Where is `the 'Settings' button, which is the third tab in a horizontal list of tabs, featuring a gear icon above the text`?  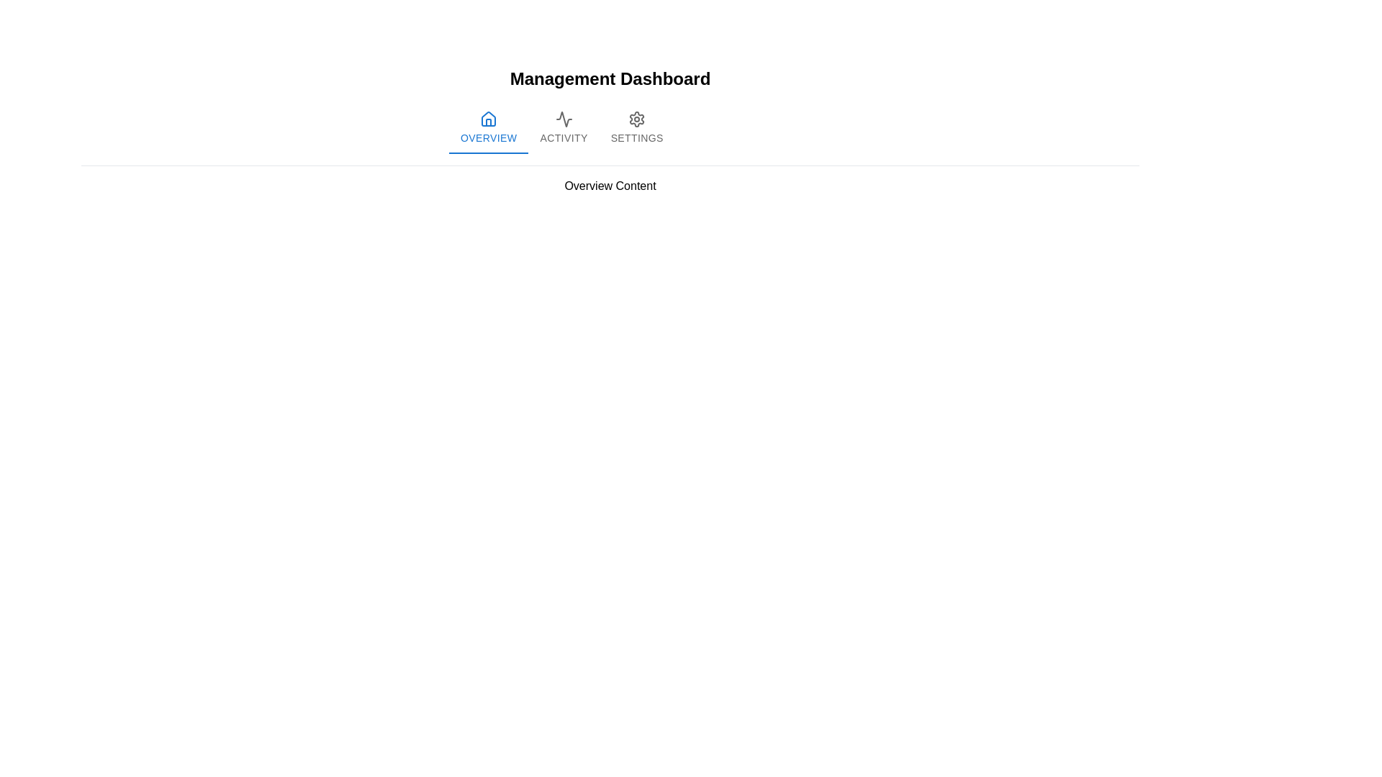
the 'Settings' button, which is the third tab in a horizontal list of tabs, featuring a gear icon above the text is located at coordinates (636, 127).